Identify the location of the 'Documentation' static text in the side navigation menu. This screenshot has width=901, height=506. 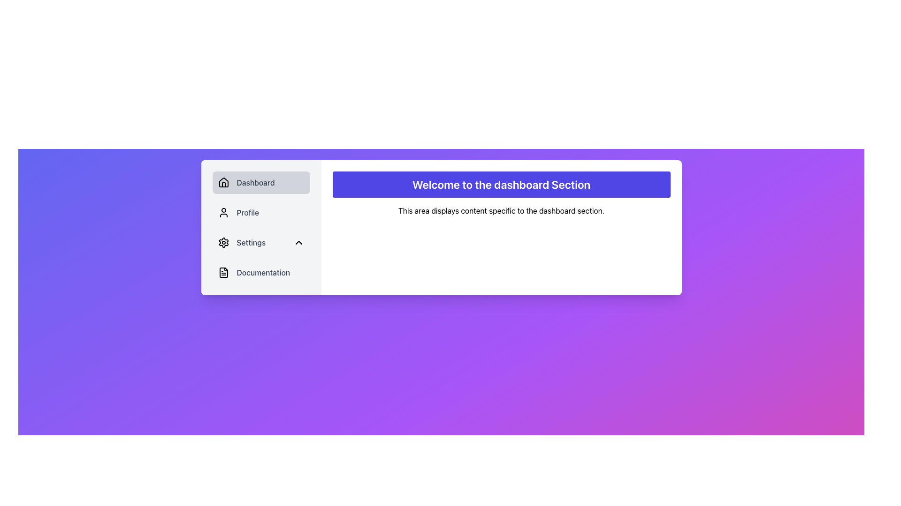
(263, 273).